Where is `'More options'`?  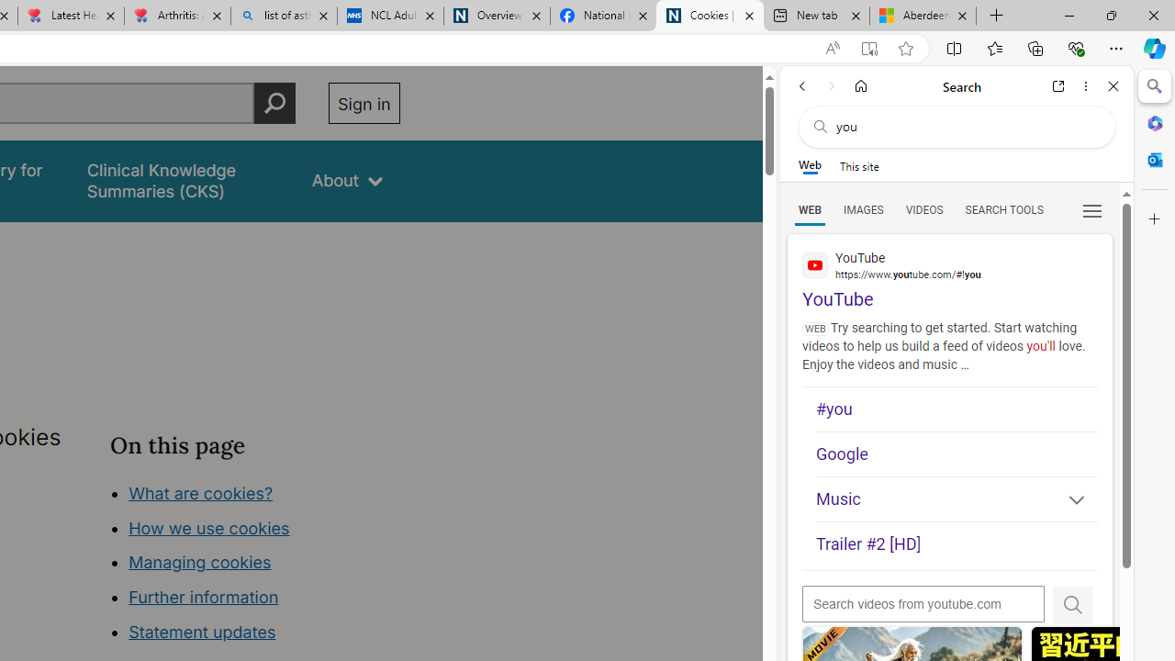
'More options' is located at coordinates (1085, 85).